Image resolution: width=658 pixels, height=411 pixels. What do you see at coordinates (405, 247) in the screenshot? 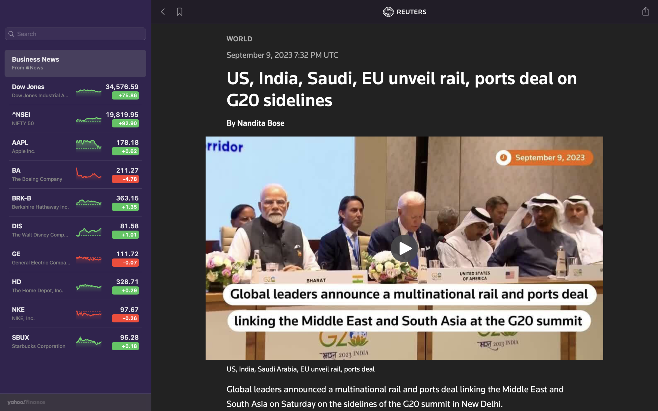
I see `Play video of the news` at bounding box center [405, 247].